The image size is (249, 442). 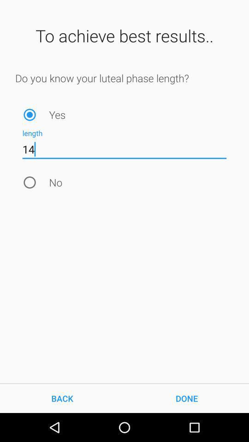 I want to click on yes option, so click(x=30, y=114).